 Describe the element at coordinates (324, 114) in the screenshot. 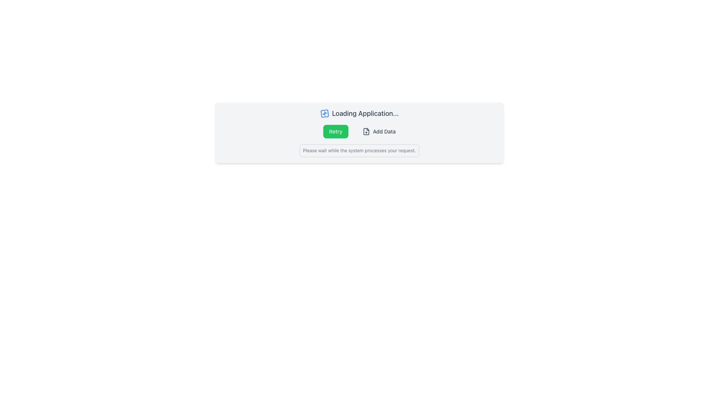

I see `the Loading Indicator Icon, which is a spinning blue square-shaped graphical icon located to the left of the text 'Loading Application...'` at that location.